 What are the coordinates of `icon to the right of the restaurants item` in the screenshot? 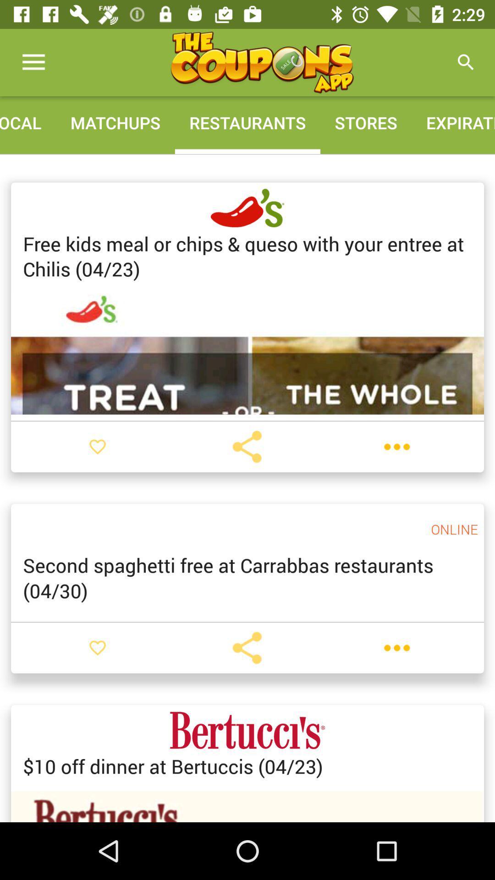 It's located at (365, 122).